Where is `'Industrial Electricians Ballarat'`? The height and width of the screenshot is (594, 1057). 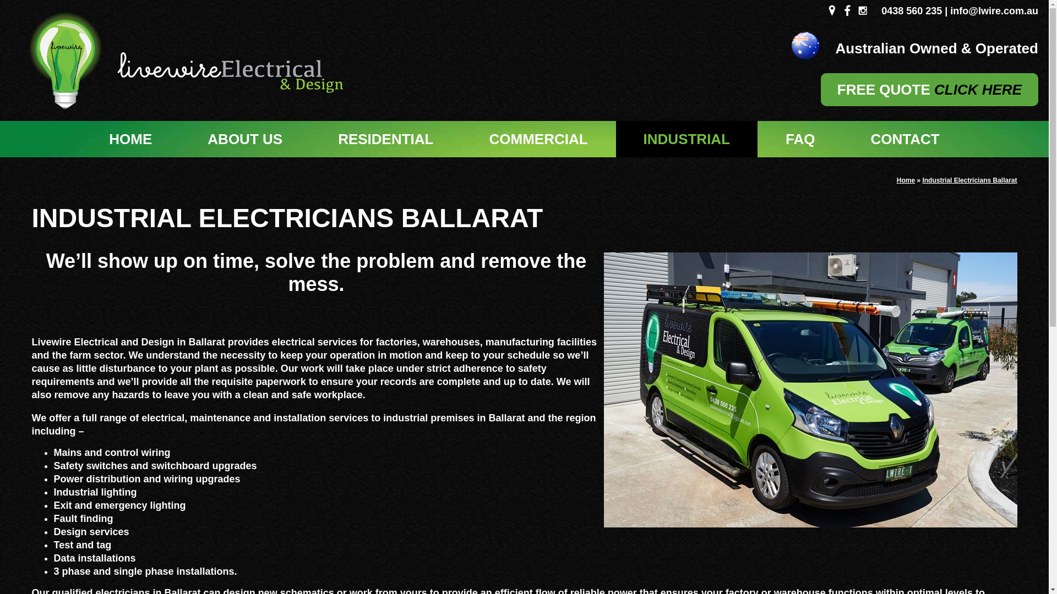 'Industrial Electricians Ballarat' is located at coordinates (969, 179).